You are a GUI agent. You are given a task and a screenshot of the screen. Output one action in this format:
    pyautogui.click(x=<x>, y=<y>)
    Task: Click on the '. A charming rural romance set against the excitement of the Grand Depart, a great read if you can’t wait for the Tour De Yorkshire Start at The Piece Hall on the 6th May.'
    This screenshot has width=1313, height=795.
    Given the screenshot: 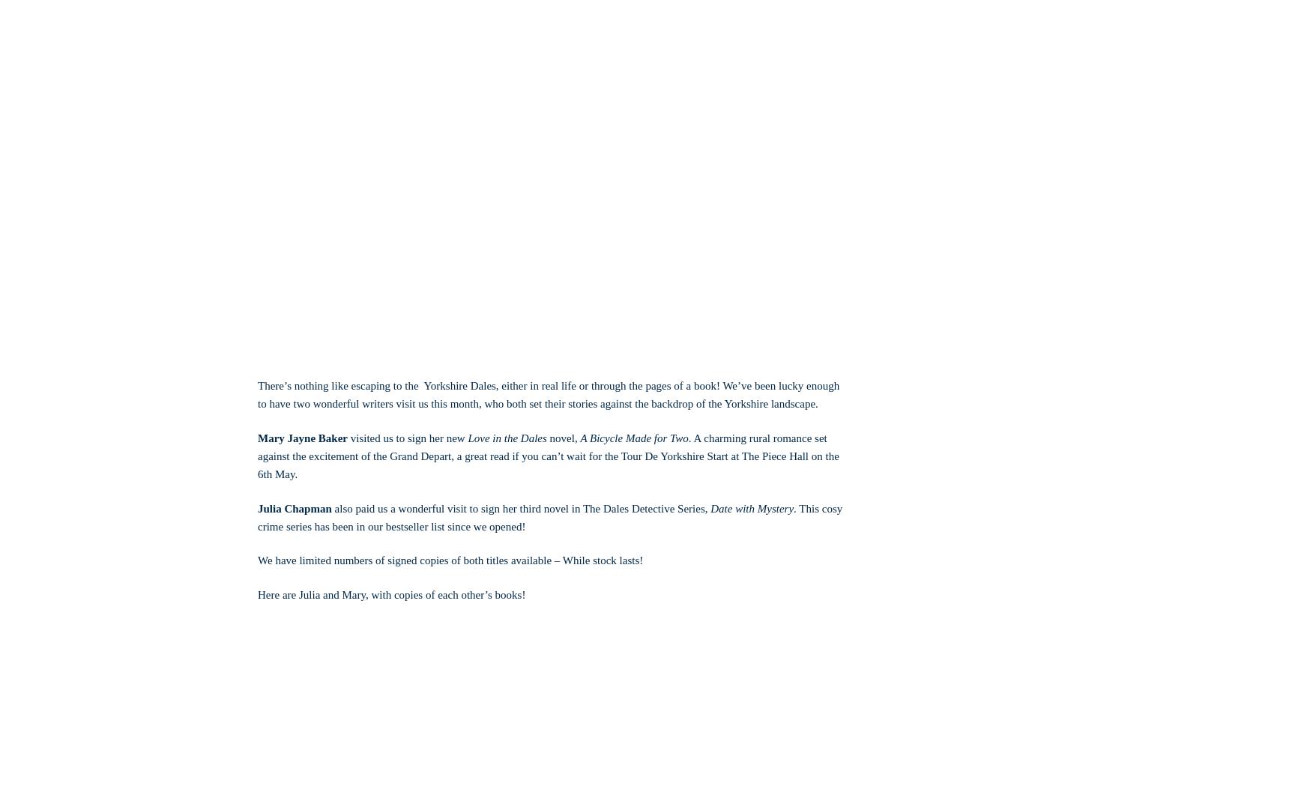 What is the action you would take?
    pyautogui.click(x=548, y=455)
    